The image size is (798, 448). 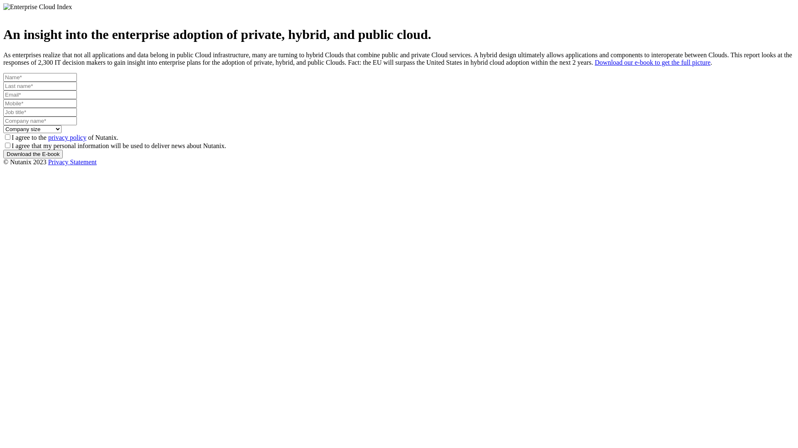 I want to click on 'Privacy Statement', so click(x=72, y=162).